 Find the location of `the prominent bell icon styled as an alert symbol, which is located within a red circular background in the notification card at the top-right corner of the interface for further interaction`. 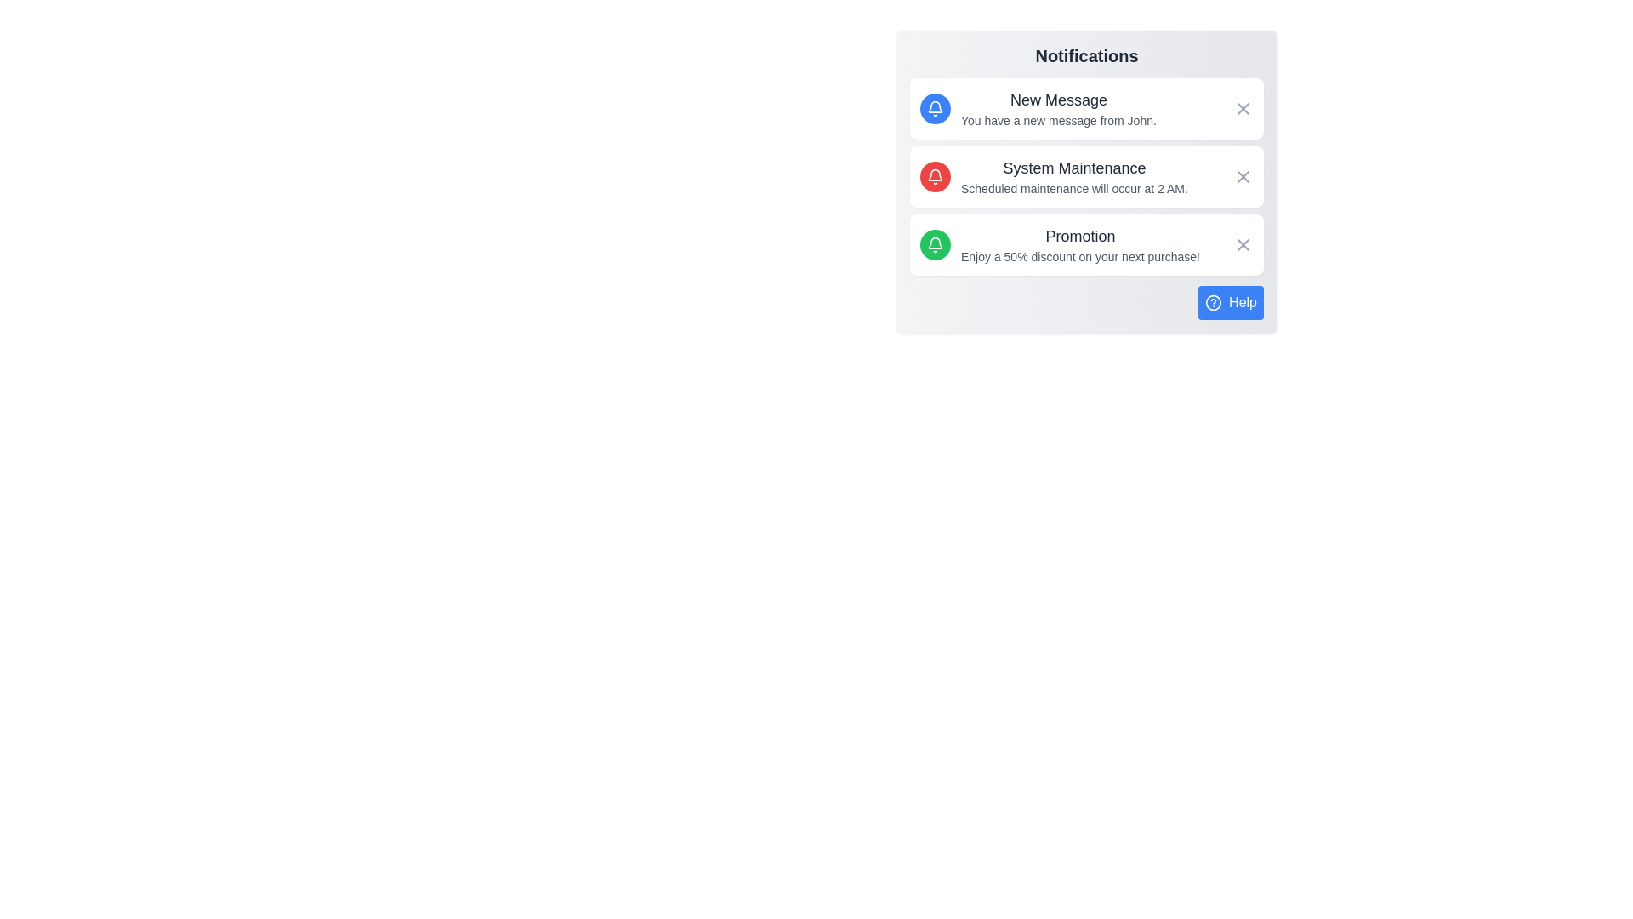

the prominent bell icon styled as an alert symbol, which is located within a red circular background in the notification card at the top-right corner of the interface for further interaction is located at coordinates (934, 177).